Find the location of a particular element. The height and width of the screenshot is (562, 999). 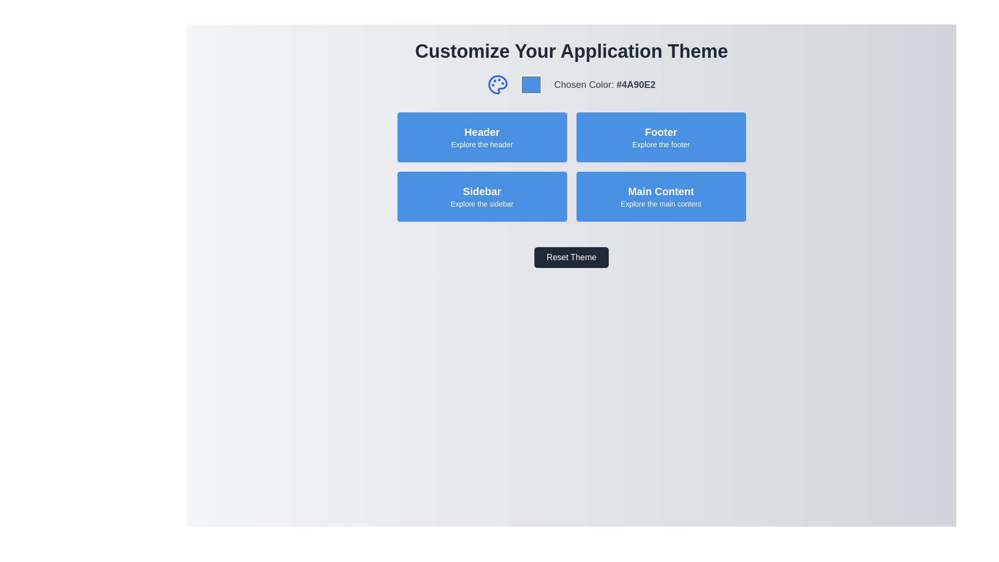

the header text that indicates the section is about customizing the application's theme, located at the top center of the layout above the 'Chosen Color' section is located at coordinates (571, 52).